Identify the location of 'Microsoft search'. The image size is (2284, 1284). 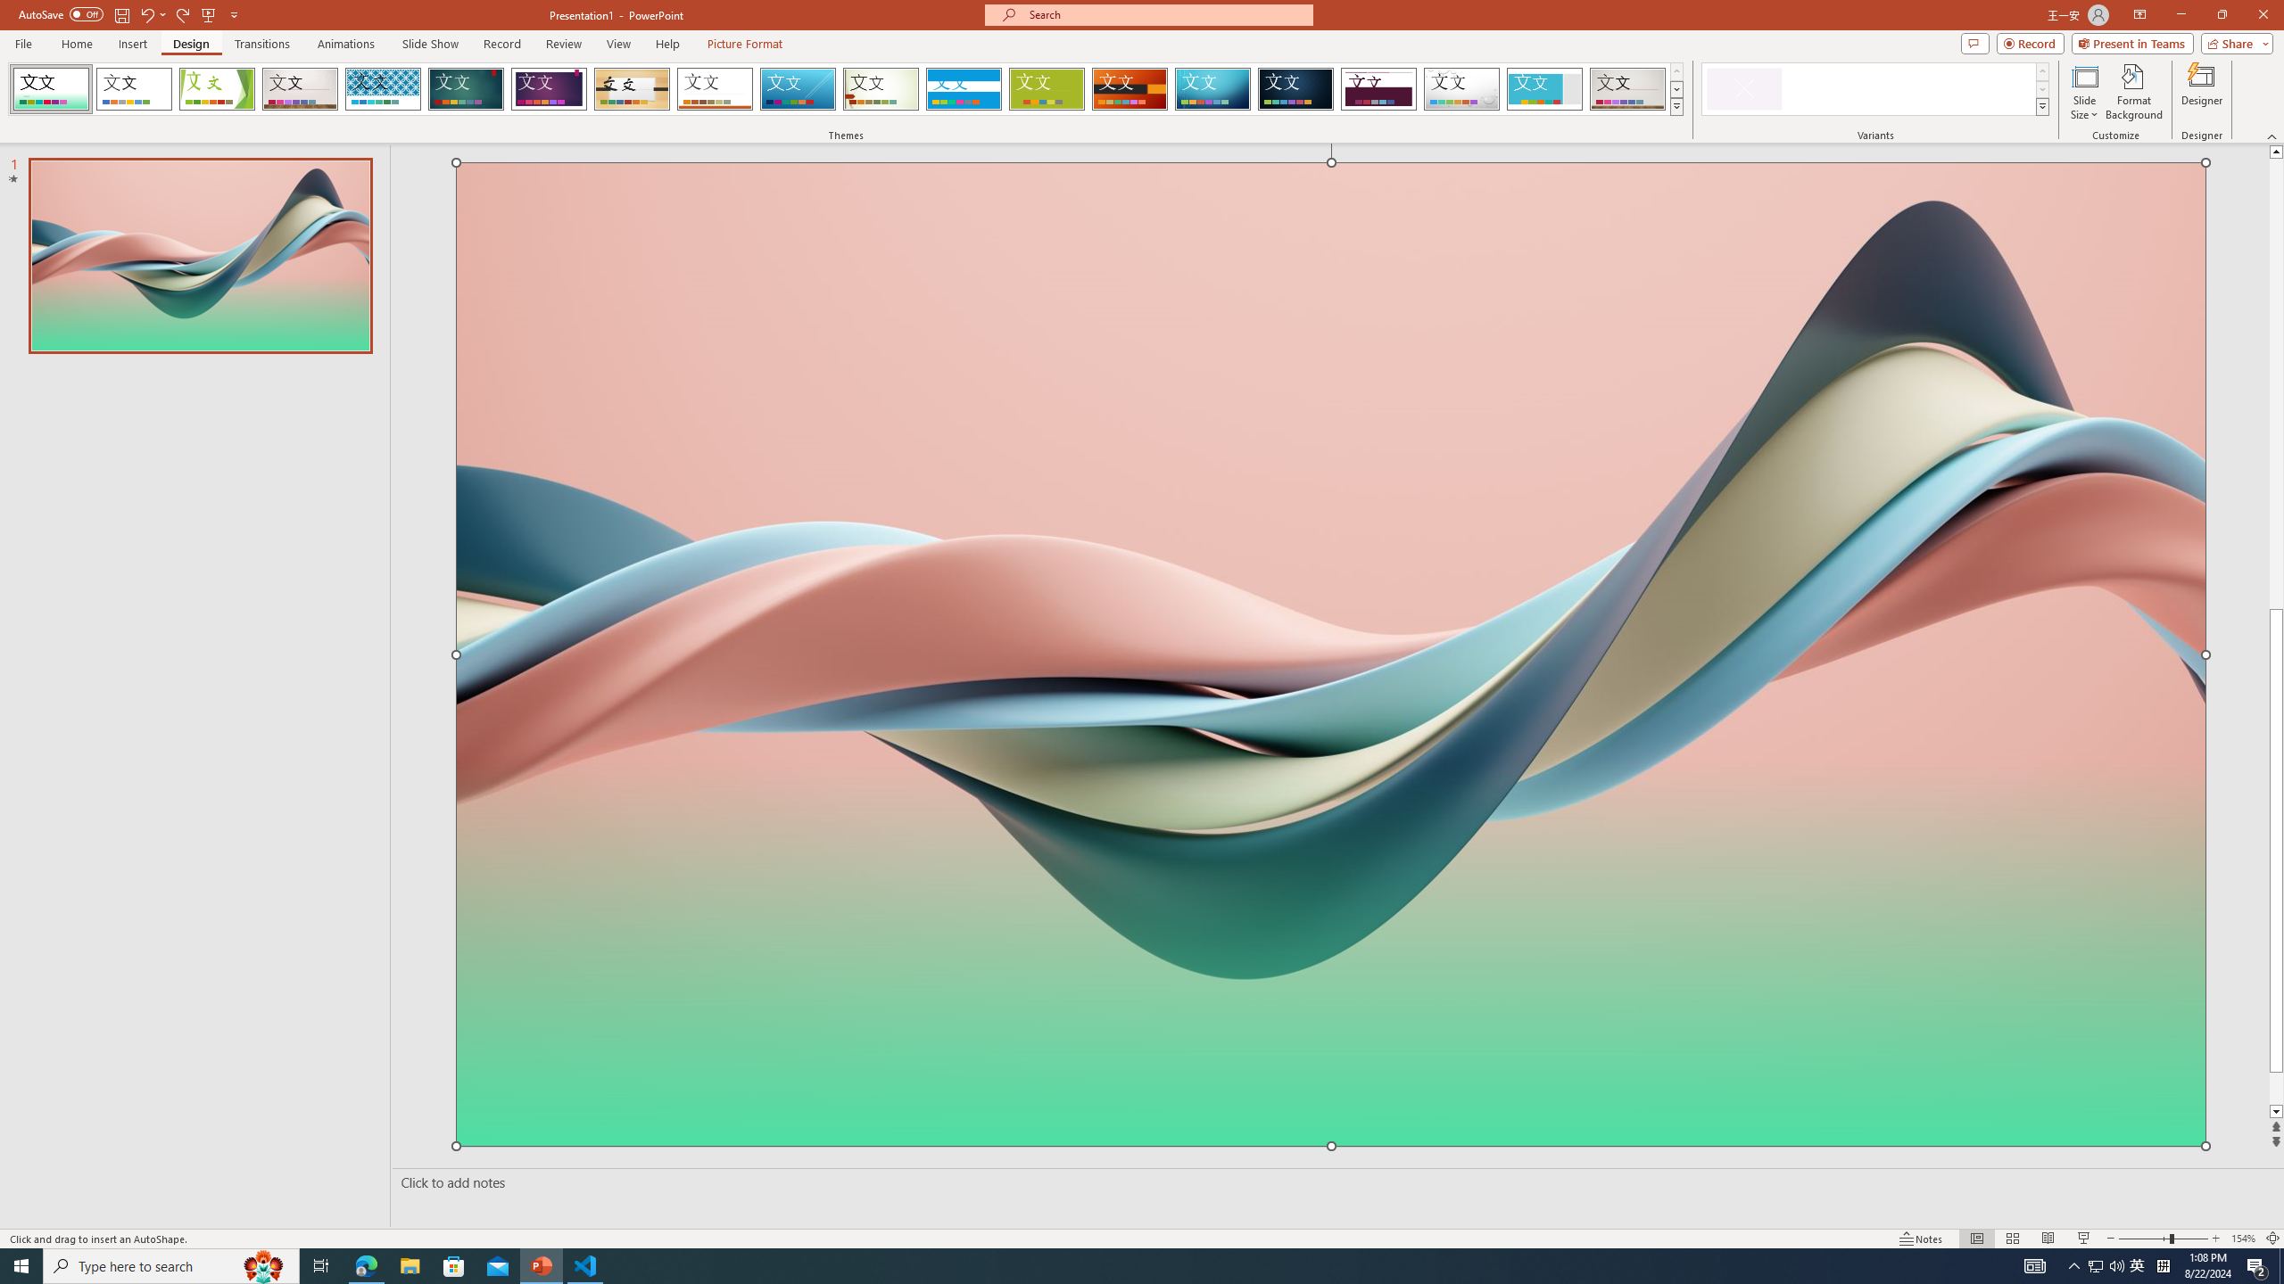
(1163, 14).